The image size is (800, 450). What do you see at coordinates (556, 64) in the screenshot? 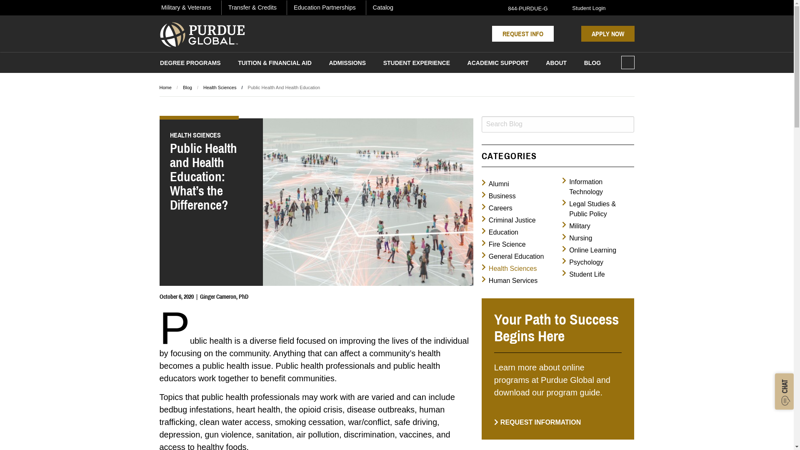
I see `'ABOUT'` at bounding box center [556, 64].